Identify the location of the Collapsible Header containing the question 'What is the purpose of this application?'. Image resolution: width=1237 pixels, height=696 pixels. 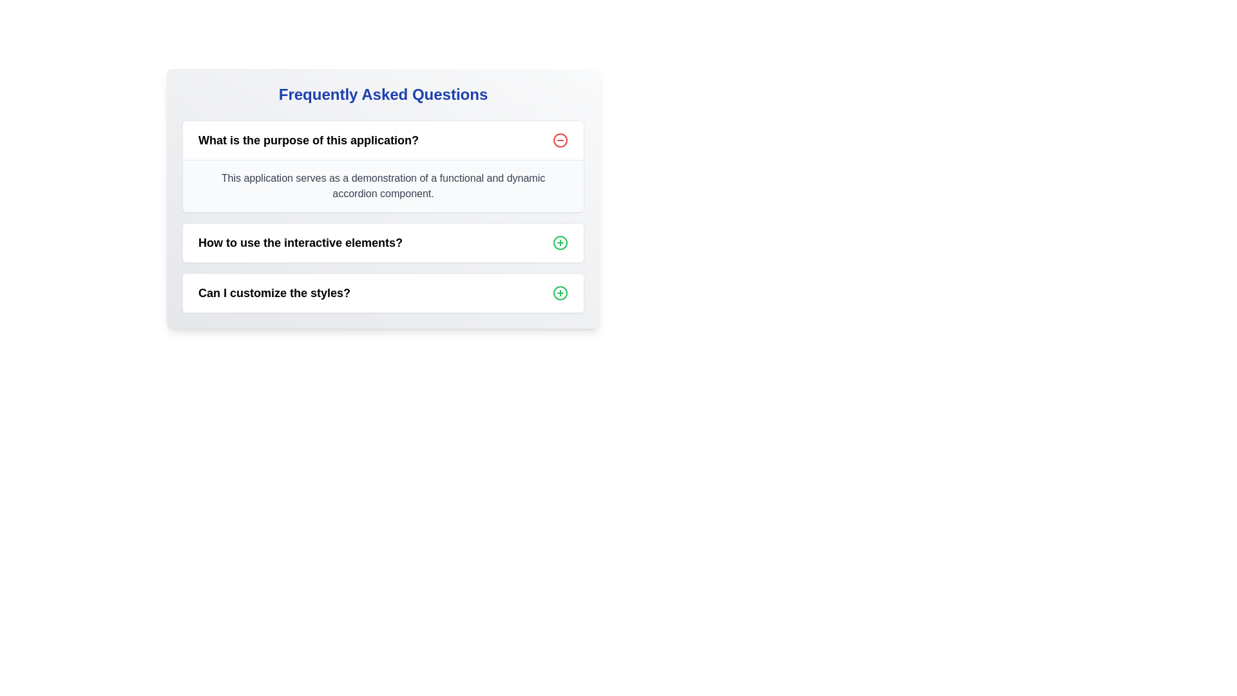
(383, 140).